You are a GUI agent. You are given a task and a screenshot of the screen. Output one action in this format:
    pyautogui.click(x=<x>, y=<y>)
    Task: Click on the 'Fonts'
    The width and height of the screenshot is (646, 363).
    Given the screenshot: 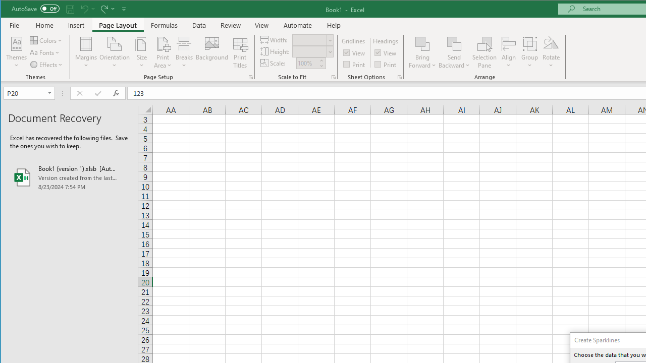 What is the action you would take?
    pyautogui.click(x=45, y=52)
    